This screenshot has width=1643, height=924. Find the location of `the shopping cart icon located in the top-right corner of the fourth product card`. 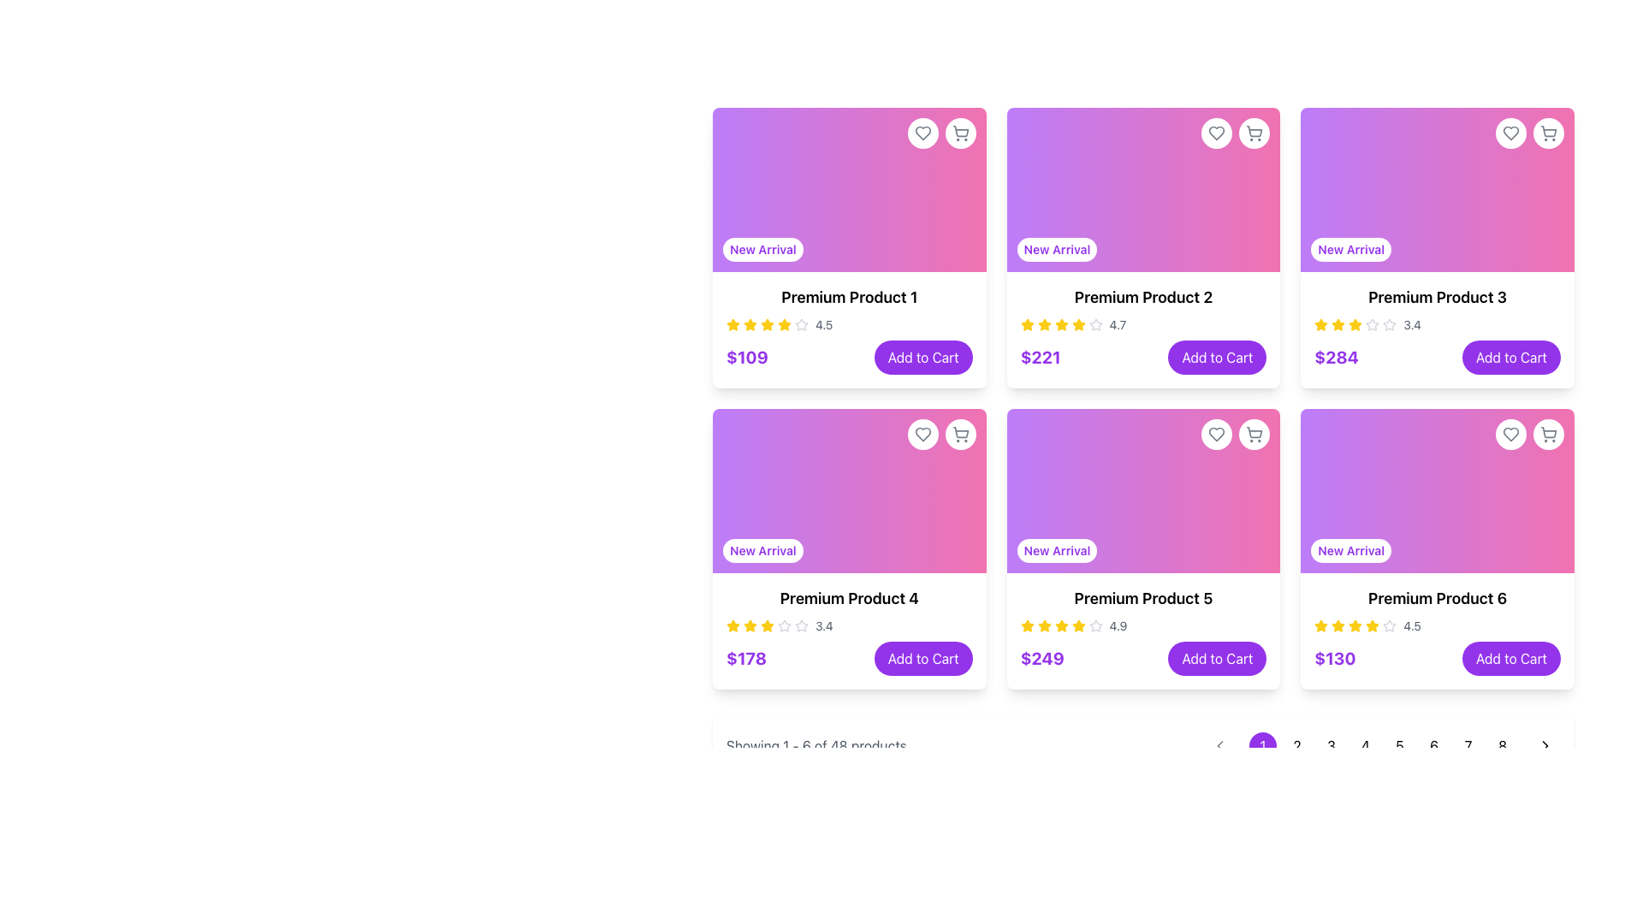

the shopping cart icon located in the top-right corner of the fourth product card is located at coordinates (960, 434).